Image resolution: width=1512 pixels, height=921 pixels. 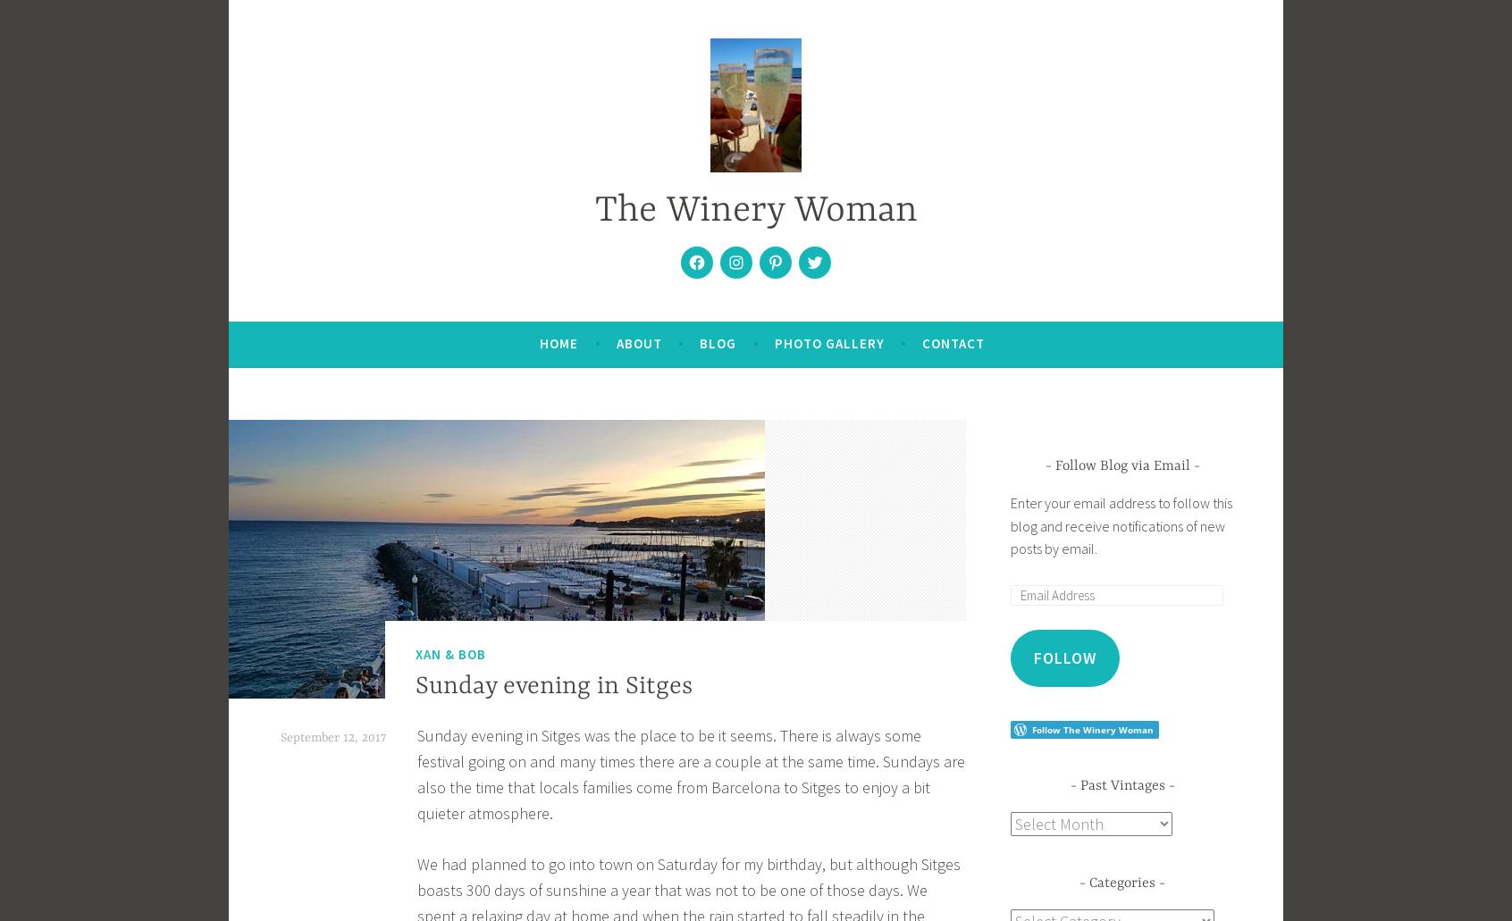 I want to click on 'Xan & Bob', so click(x=450, y=652).